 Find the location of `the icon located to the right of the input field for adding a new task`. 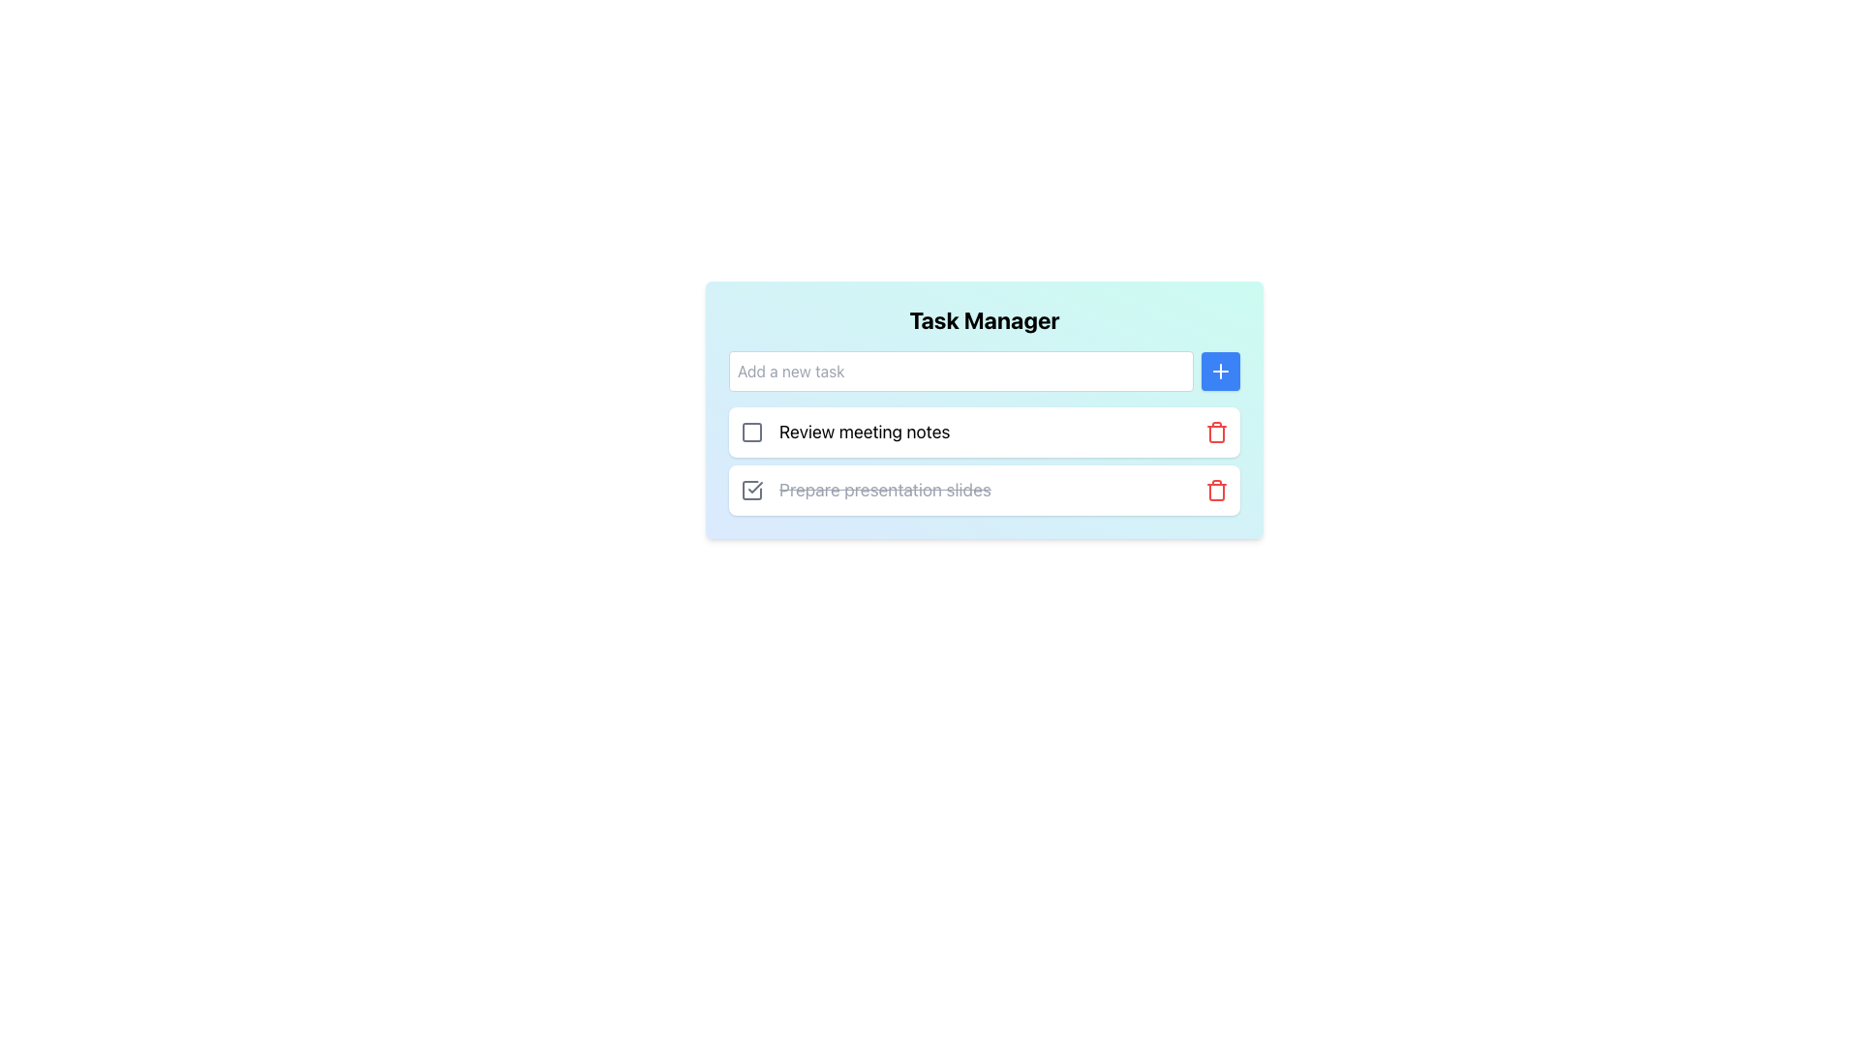

the icon located to the right of the input field for adding a new task is located at coordinates (1220, 372).